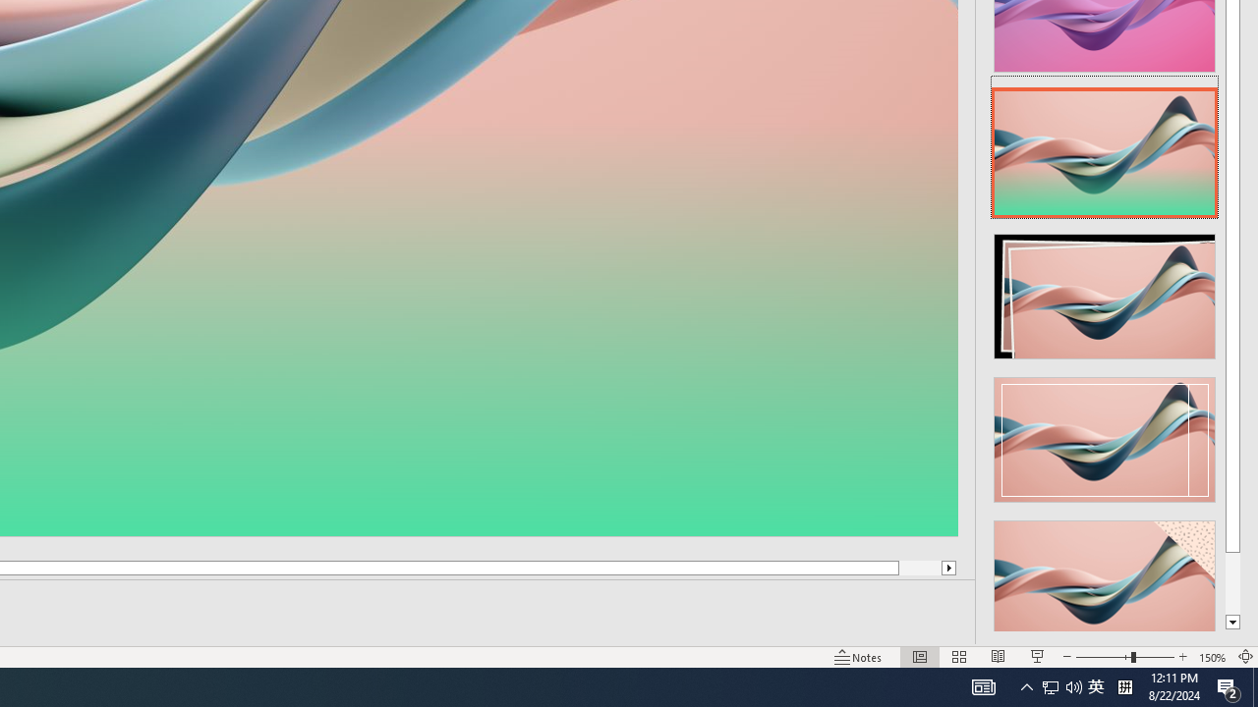 Image resolution: width=1258 pixels, height=707 pixels. What do you see at coordinates (1231, 623) in the screenshot?
I see `'Line down'` at bounding box center [1231, 623].